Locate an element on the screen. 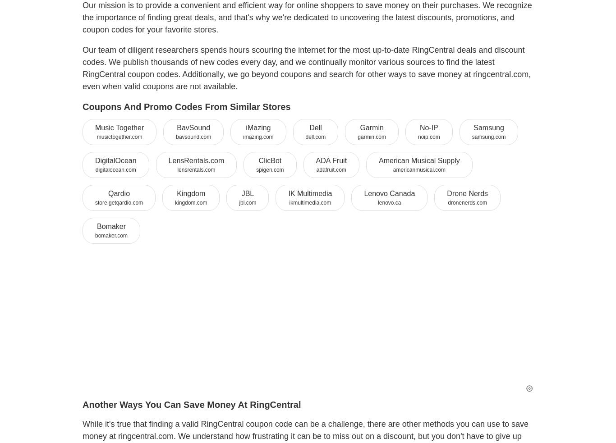  'imazing.com' is located at coordinates (257, 136).